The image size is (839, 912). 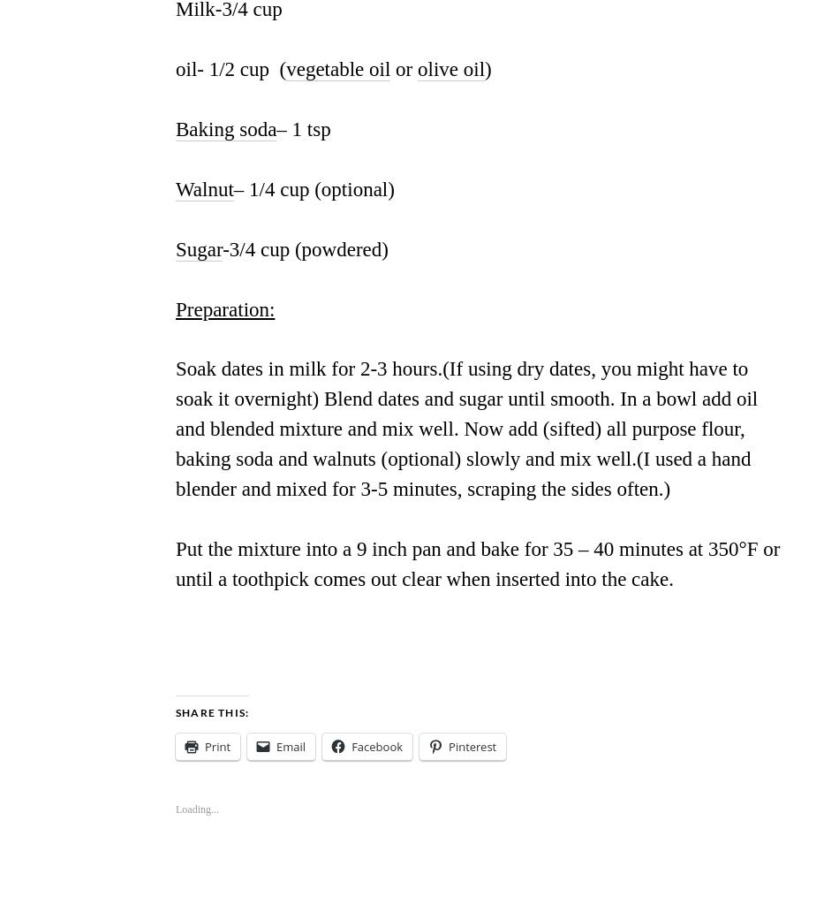 What do you see at coordinates (488, 68) in the screenshot?
I see `')'` at bounding box center [488, 68].